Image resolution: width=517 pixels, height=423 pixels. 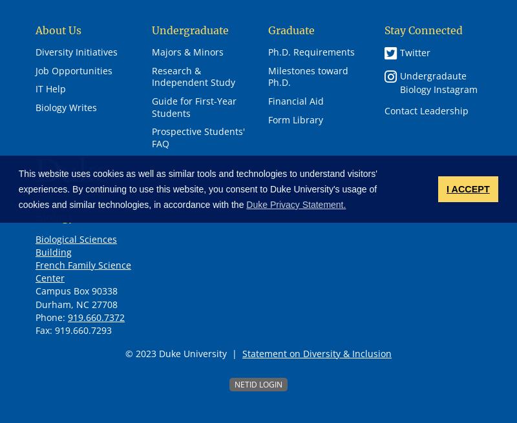 I want to click on 'Research & Independent Study', so click(x=193, y=76).